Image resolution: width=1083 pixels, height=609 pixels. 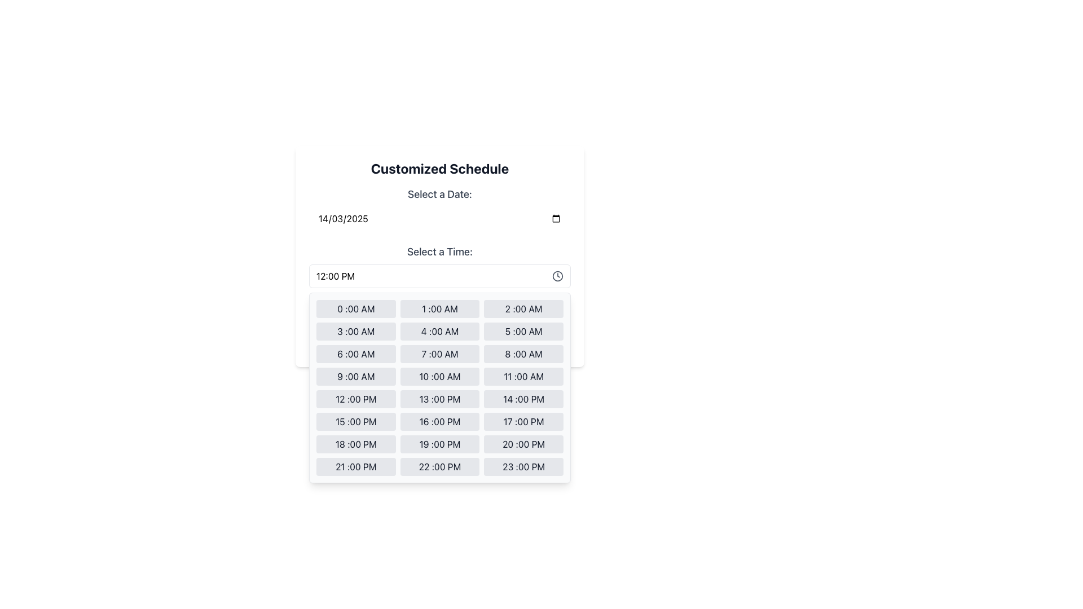 I want to click on outer boundary circle of the clock icon for debugging purposes by clicking on it, so click(x=557, y=276).